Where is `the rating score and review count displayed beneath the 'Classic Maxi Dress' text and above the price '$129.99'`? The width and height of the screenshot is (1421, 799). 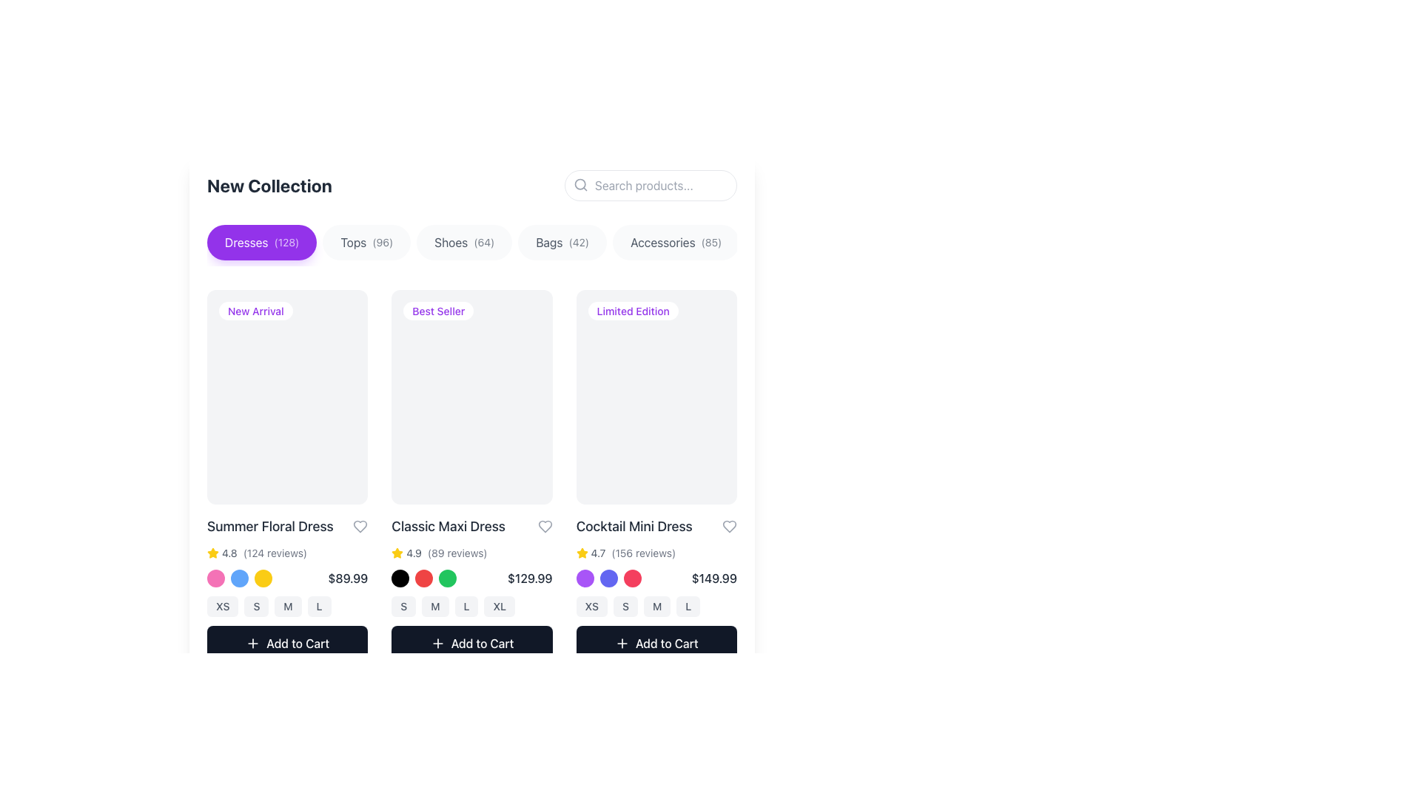 the rating score and review count displayed beneath the 'Classic Maxi Dress' text and above the price '$129.99' is located at coordinates (471, 553).